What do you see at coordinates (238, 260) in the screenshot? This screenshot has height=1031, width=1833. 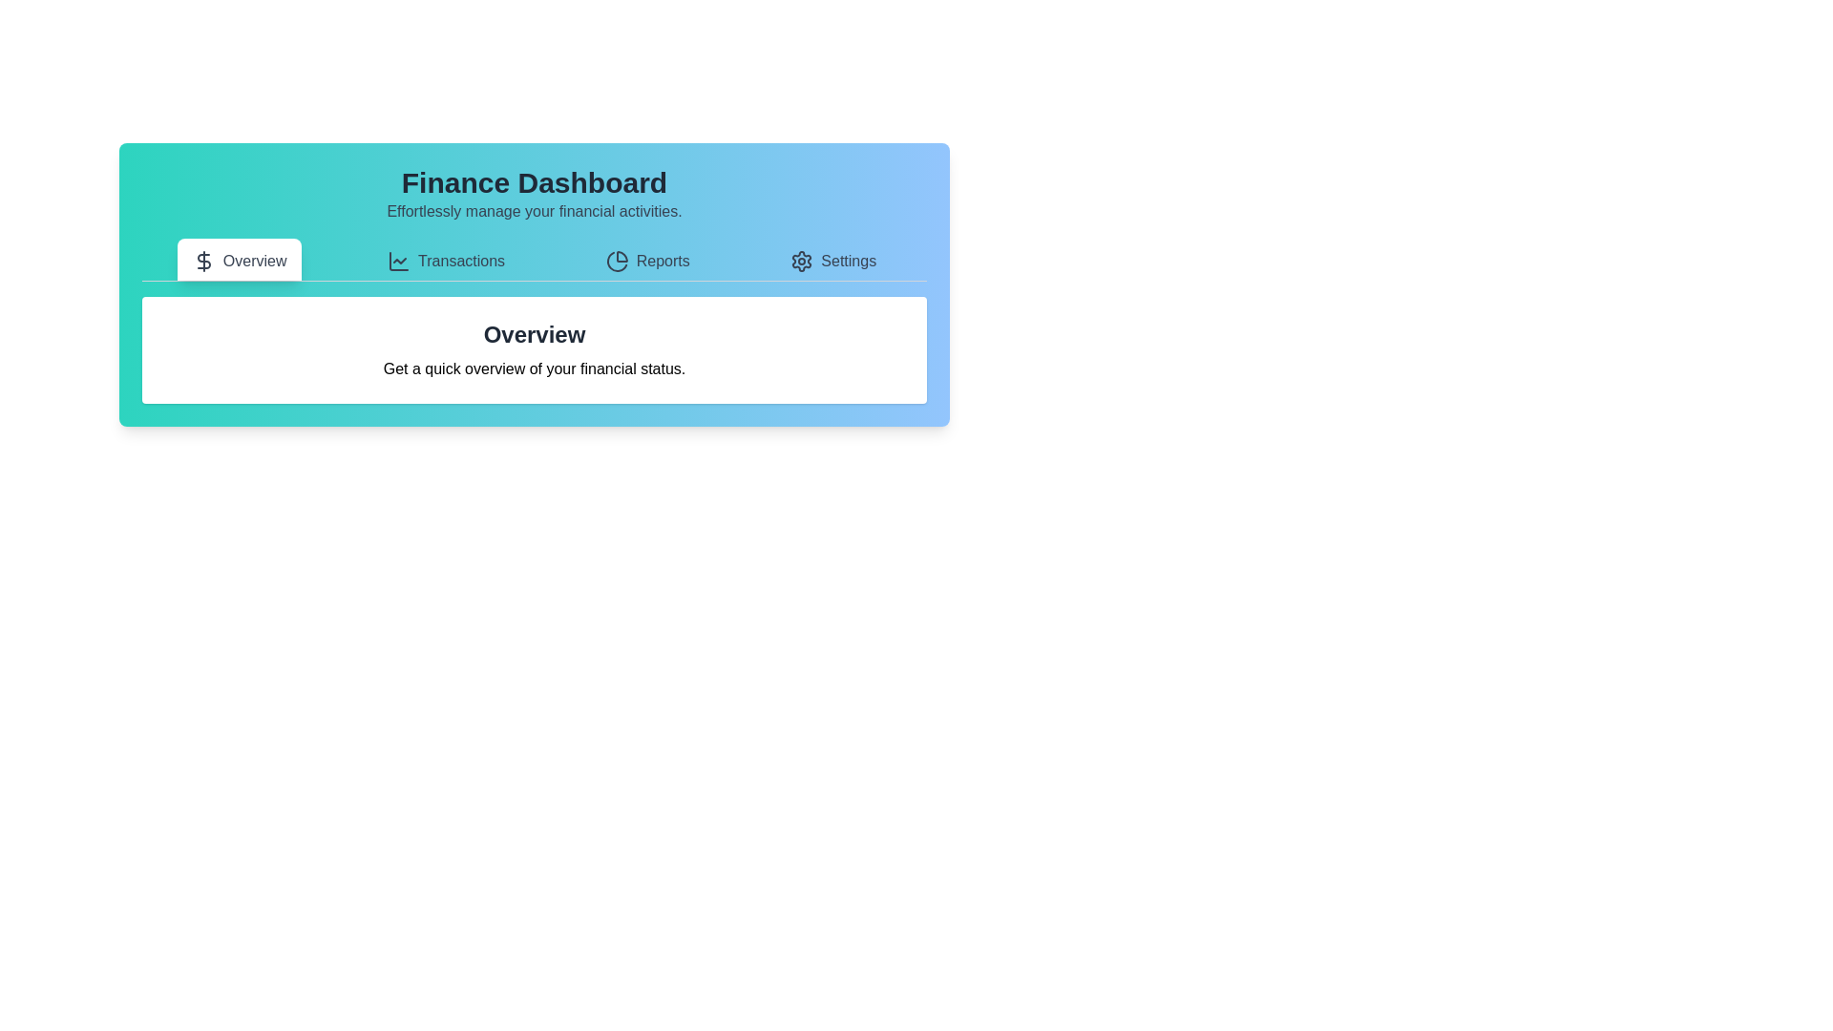 I see `the Overview tab` at bounding box center [238, 260].